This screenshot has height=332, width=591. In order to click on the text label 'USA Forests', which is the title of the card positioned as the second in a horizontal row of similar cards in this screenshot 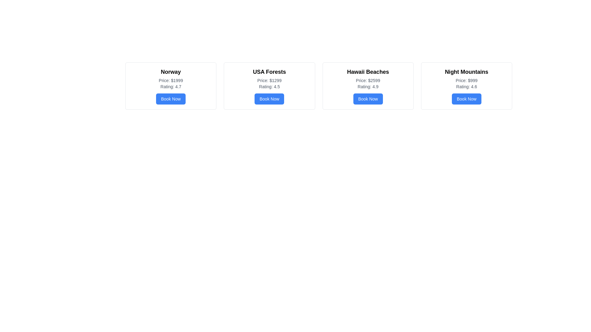, I will do `click(269, 72)`.